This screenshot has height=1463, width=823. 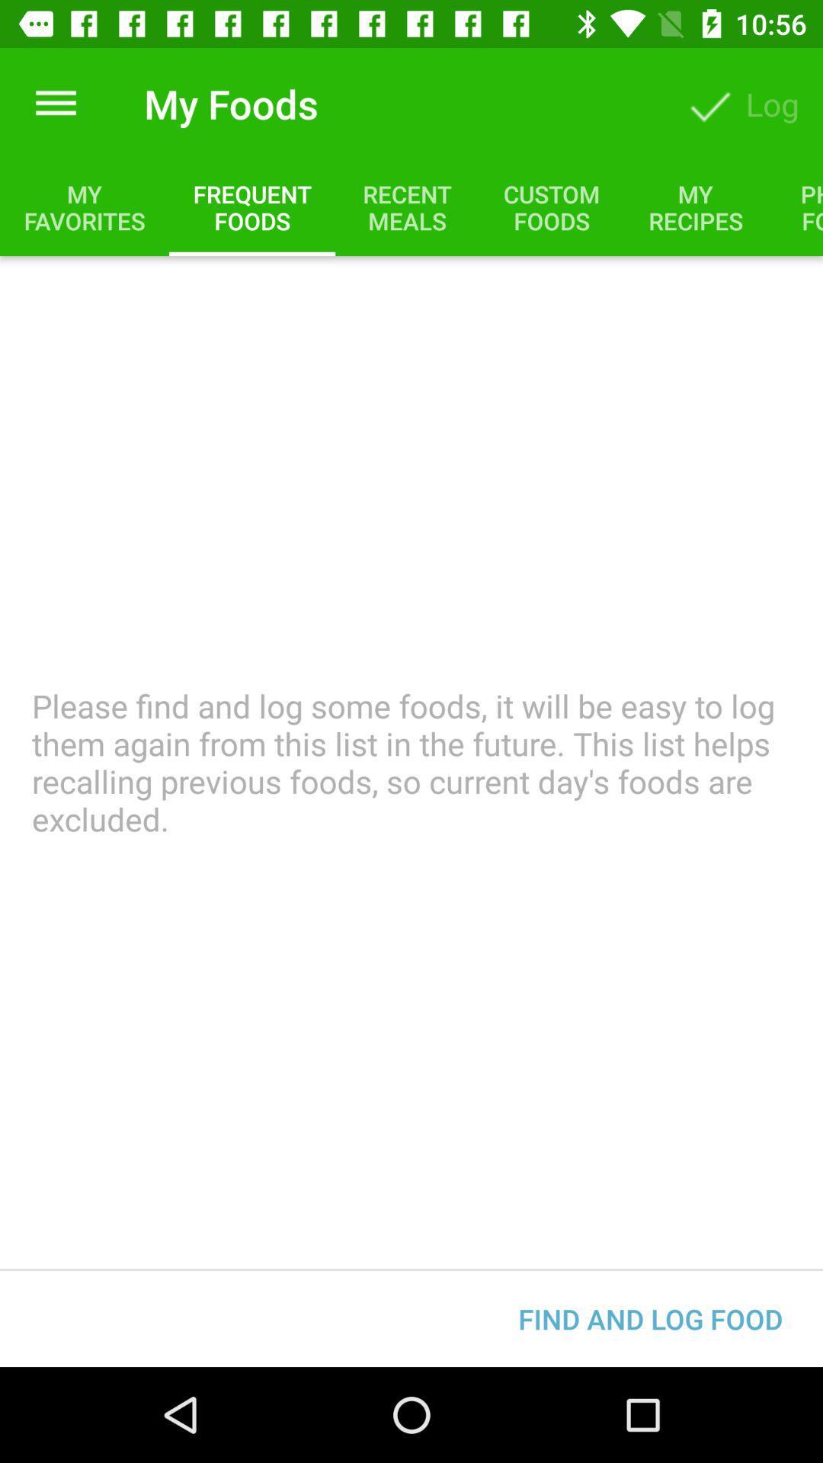 I want to click on the icon to the left of the my foods item, so click(x=55, y=103).